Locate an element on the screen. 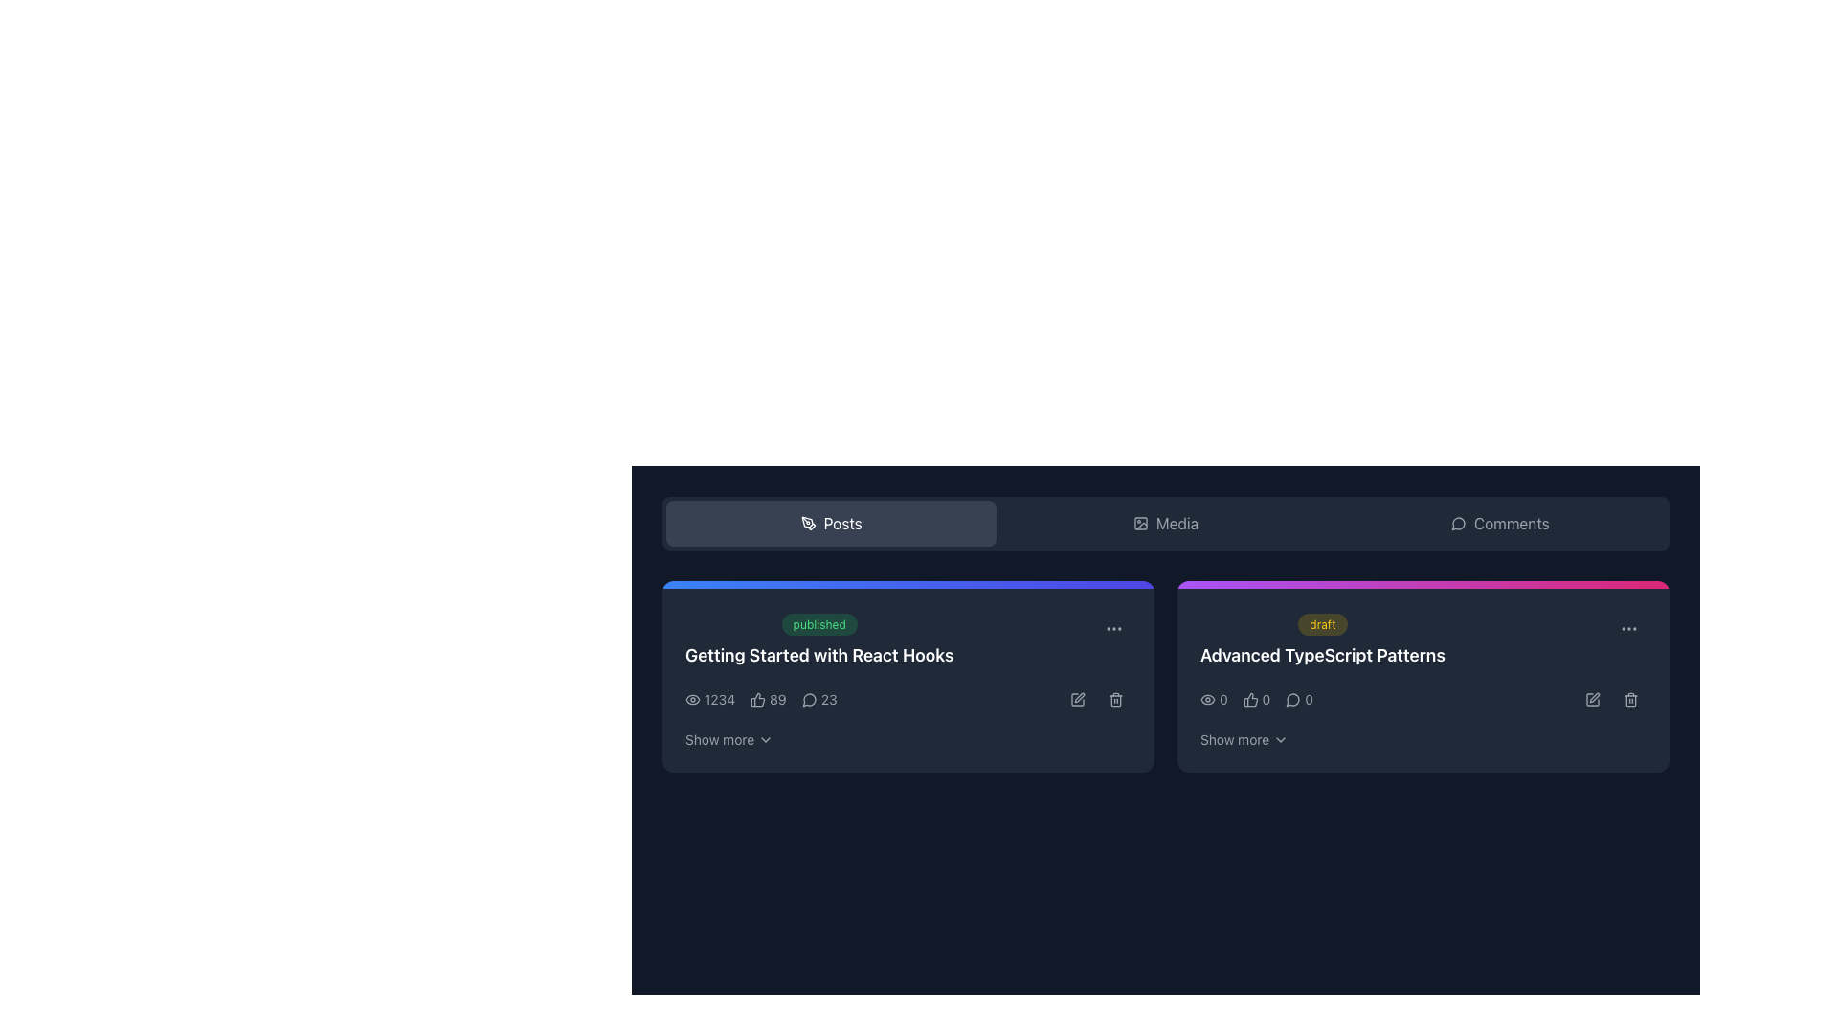  the button located at the top-right corner of the 'Advanced TypeScript Patterns' card is located at coordinates (1628, 628).